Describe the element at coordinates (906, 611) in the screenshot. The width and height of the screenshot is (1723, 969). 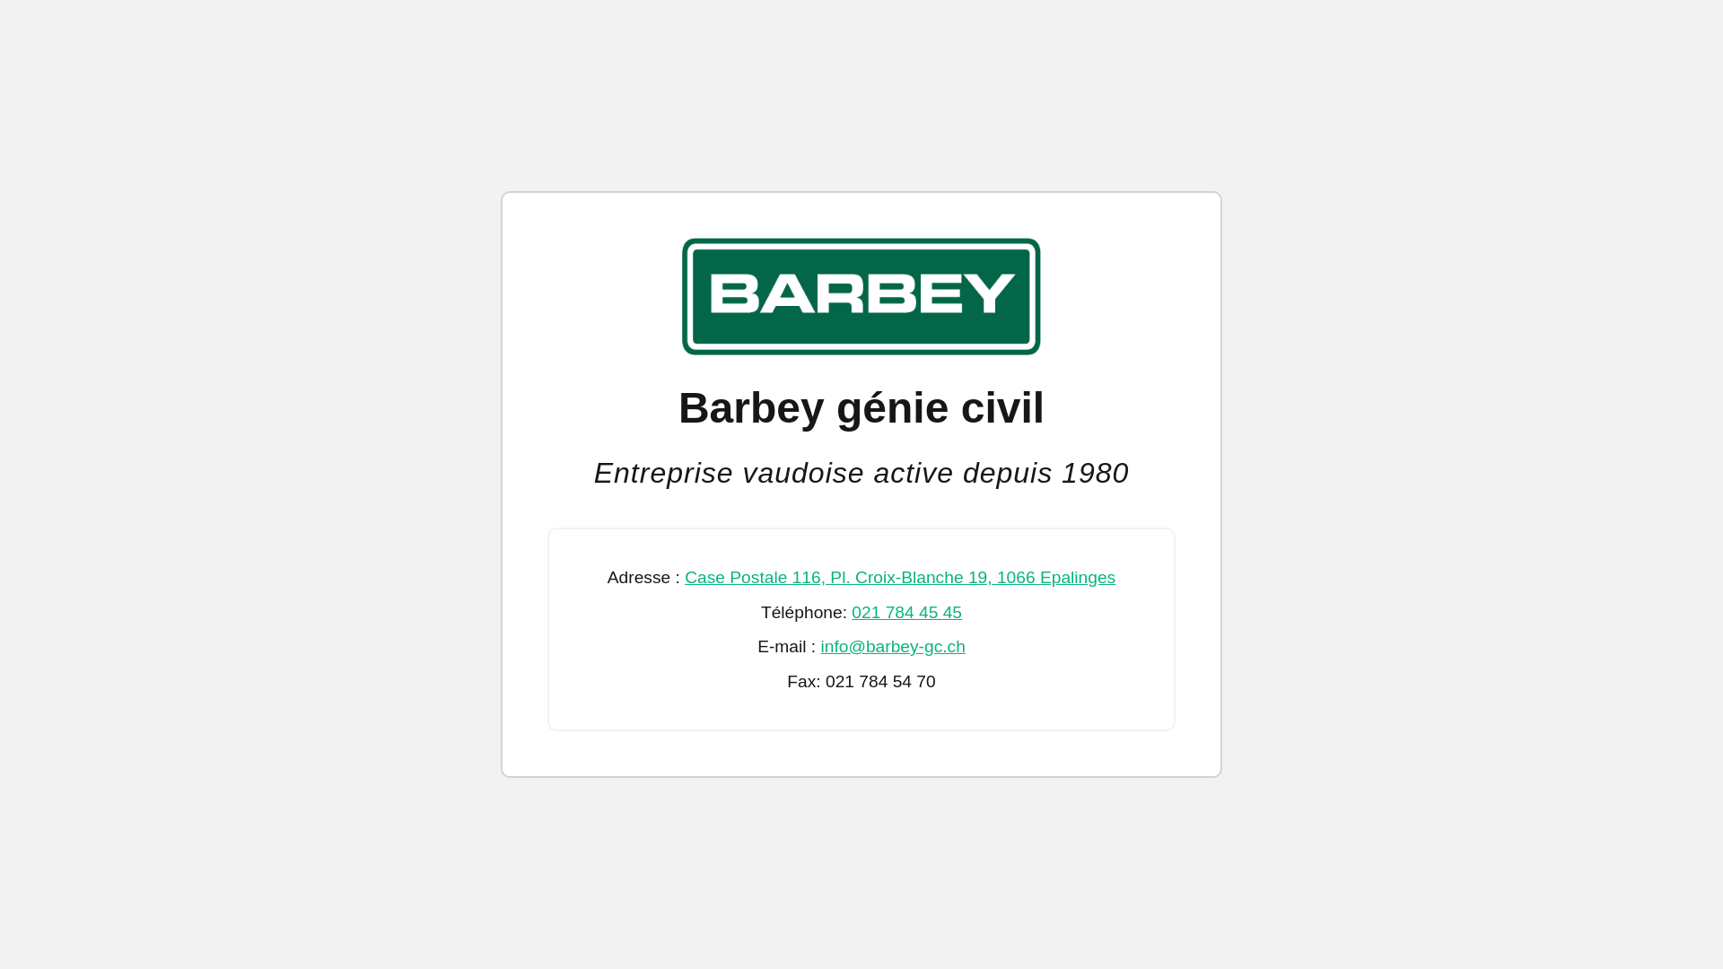
I see `'021 784 45 45'` at that location.